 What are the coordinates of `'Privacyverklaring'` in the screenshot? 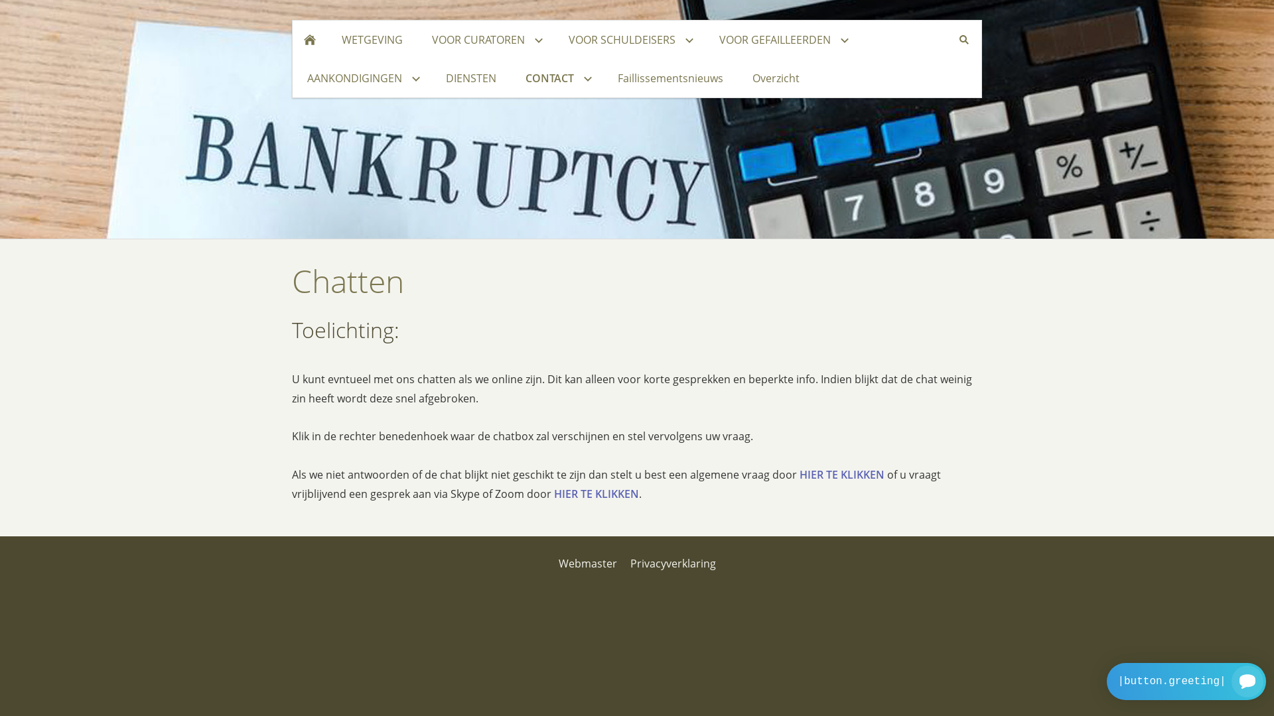 It's located at (673, 563).